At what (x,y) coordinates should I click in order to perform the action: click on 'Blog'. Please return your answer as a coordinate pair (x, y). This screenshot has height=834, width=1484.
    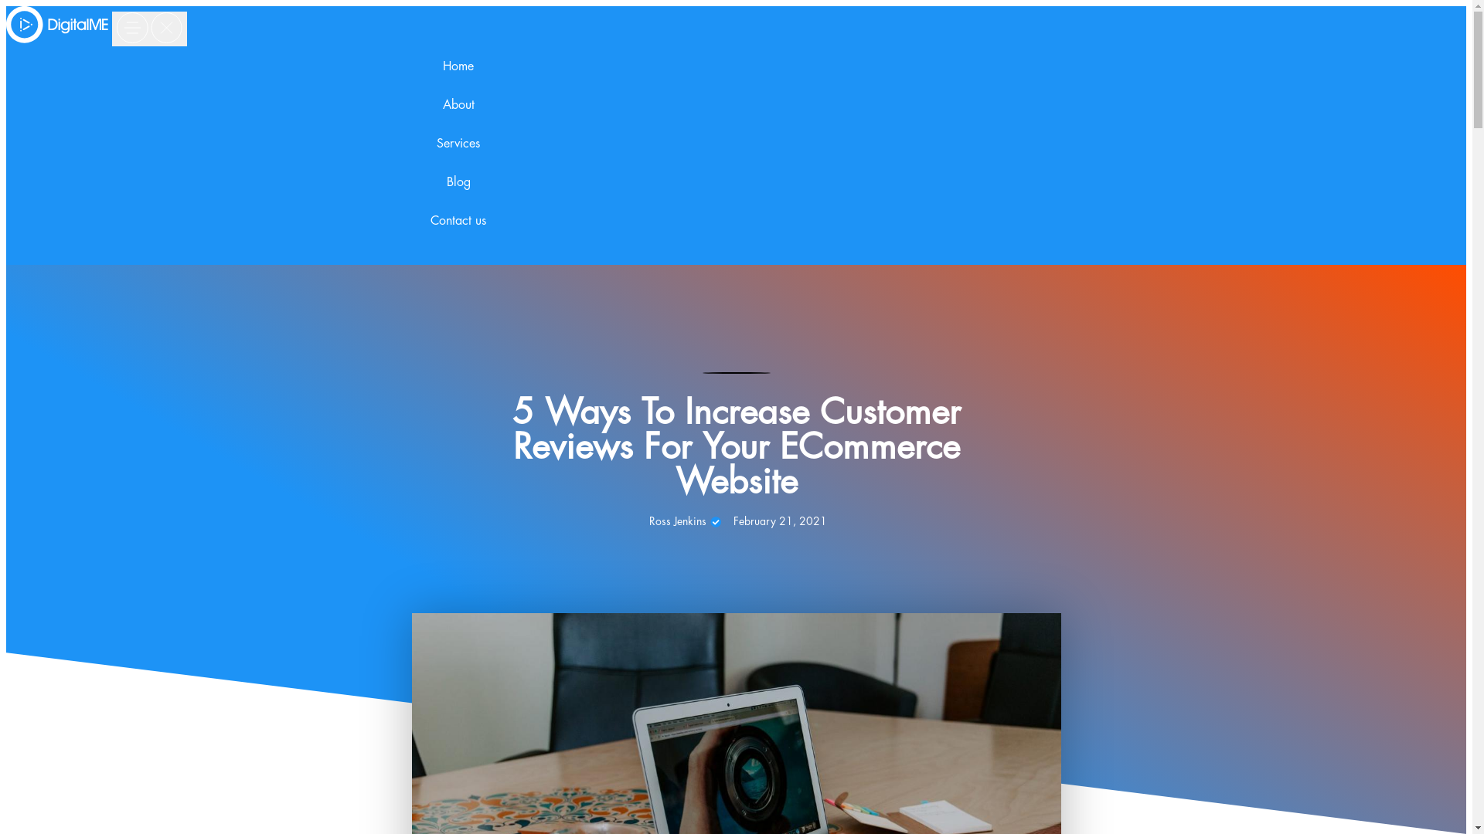
    Looking at the image, I should click on (437, 193).